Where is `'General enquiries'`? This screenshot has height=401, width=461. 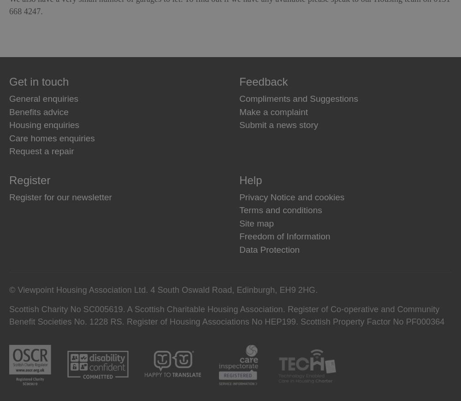 'General enquiries' is located at coordinates (43, 99).